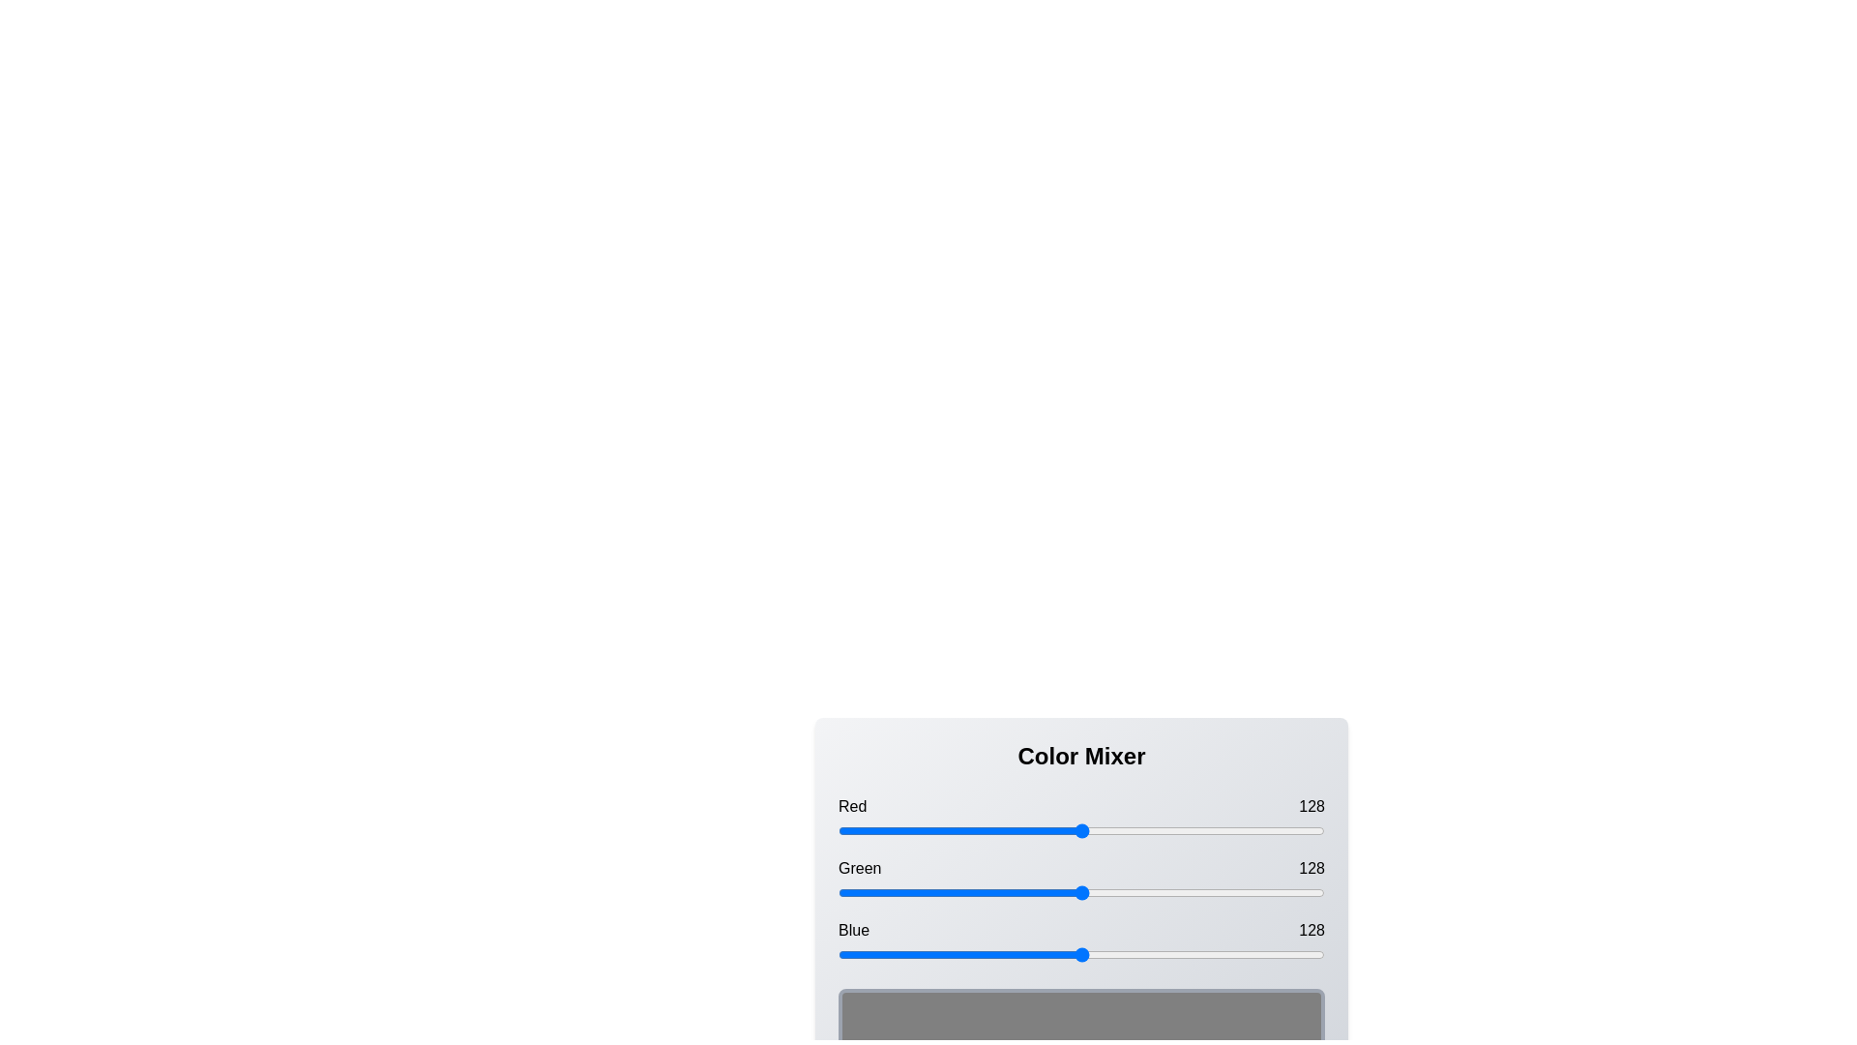 This screenshot has height=1045, width=1857. Describe the element at coordinates (1072, 892) in the screenshot. I see `the green slider to set its value to 123` at that location.